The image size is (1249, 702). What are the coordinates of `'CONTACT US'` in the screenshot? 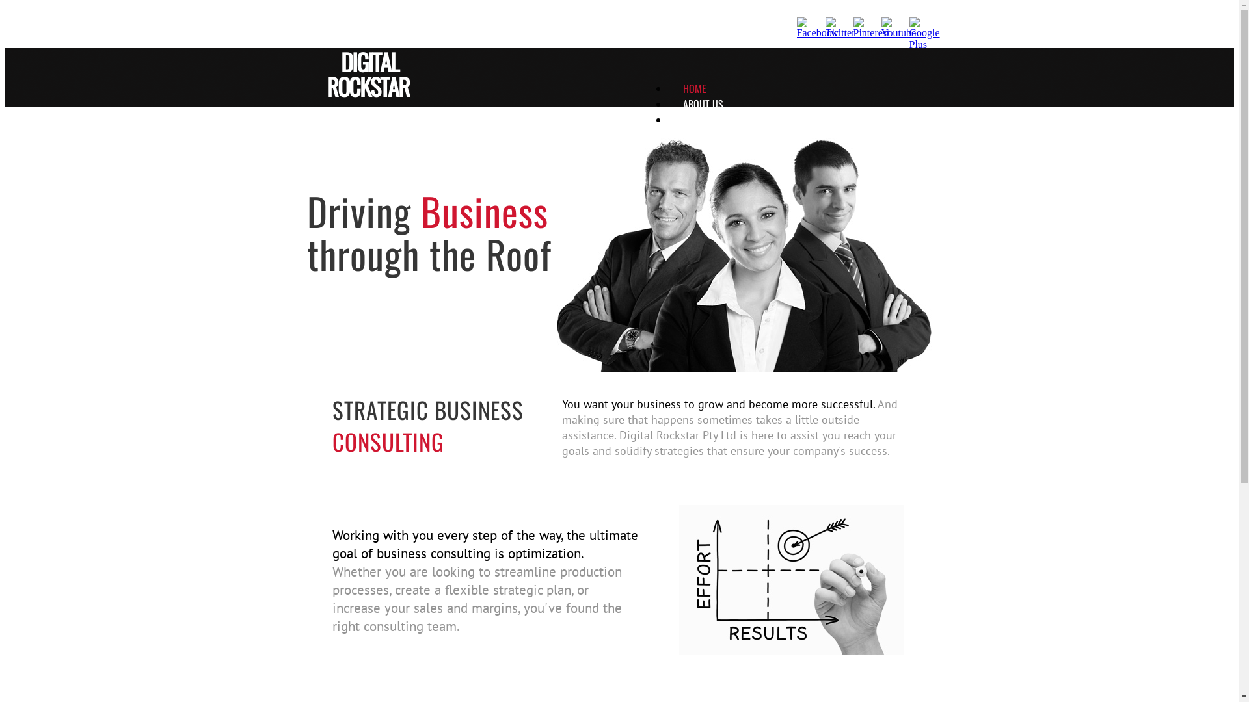 It's located at (682, 135).